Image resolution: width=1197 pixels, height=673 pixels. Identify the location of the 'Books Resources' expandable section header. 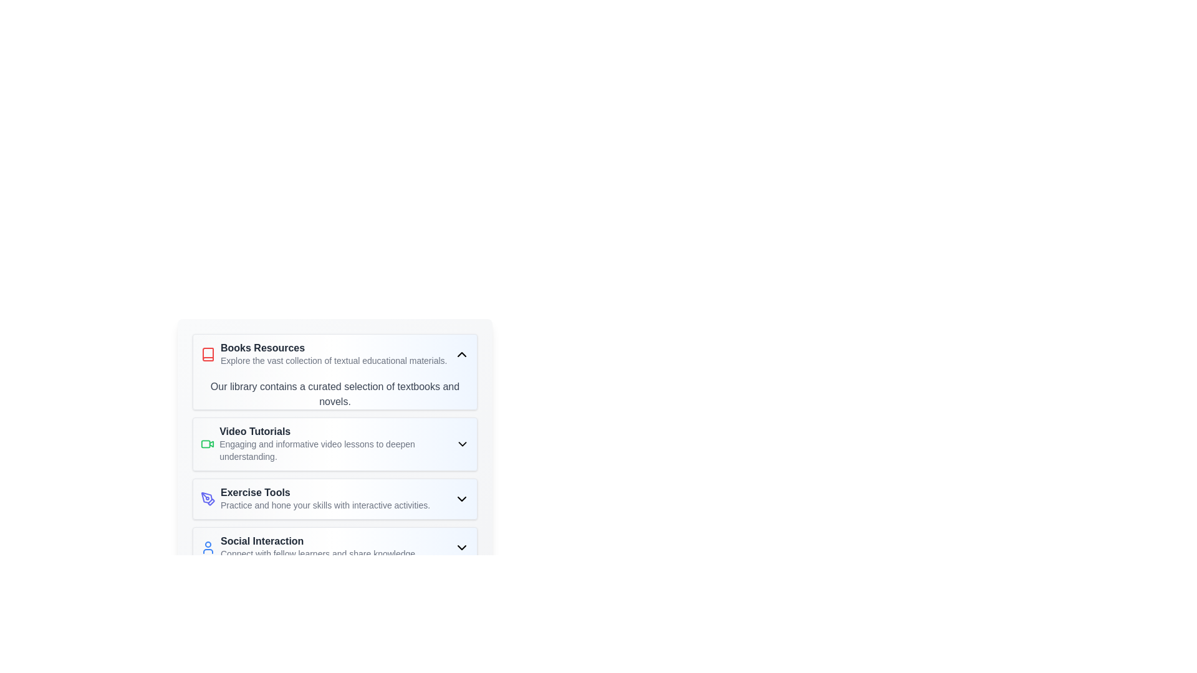
(335, 355).